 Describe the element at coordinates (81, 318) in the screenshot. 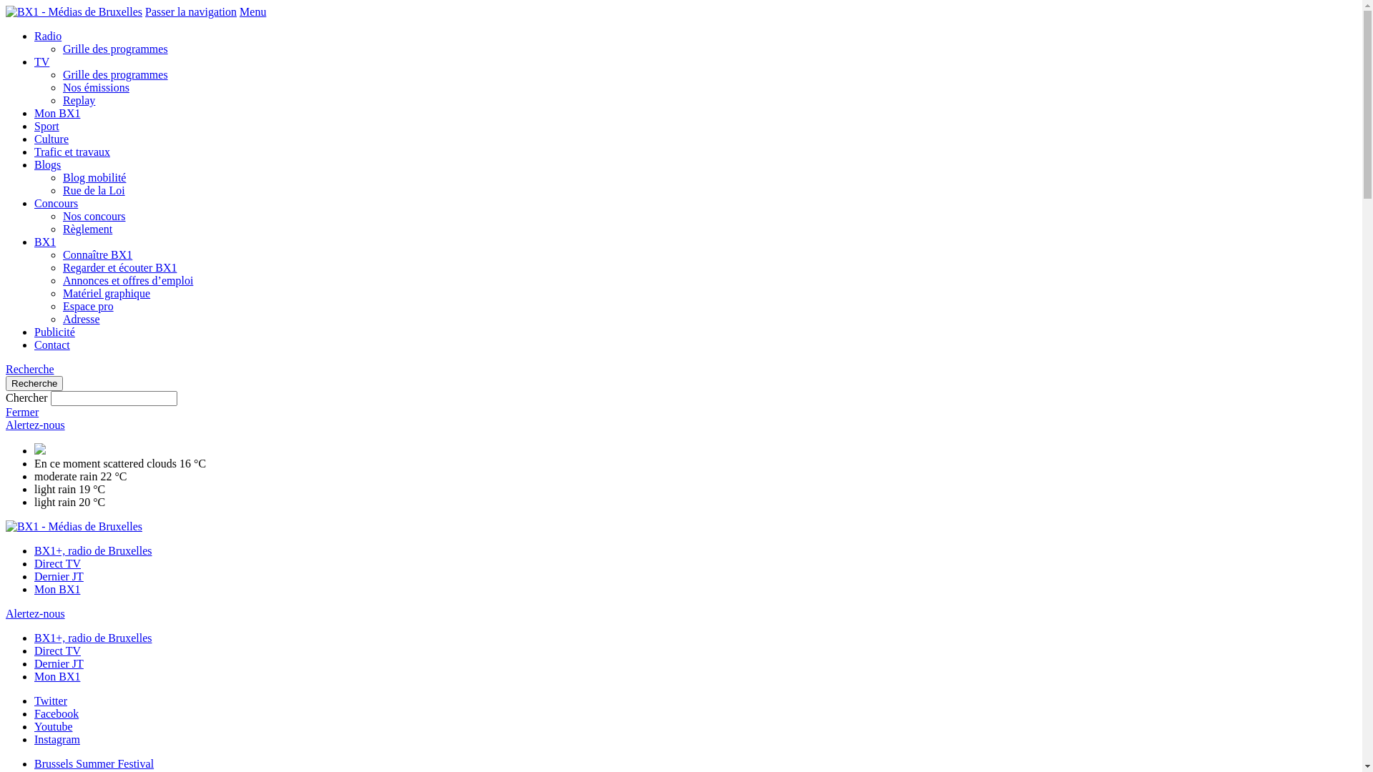

I see `'Adresse'` at that location.